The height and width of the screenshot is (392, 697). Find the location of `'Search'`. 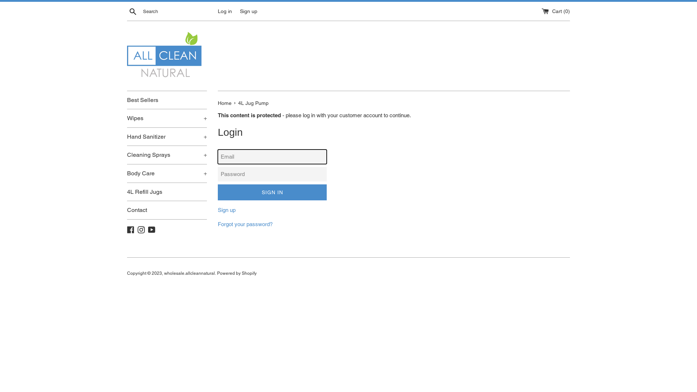

'Search' is located at coordinates (133, 11).